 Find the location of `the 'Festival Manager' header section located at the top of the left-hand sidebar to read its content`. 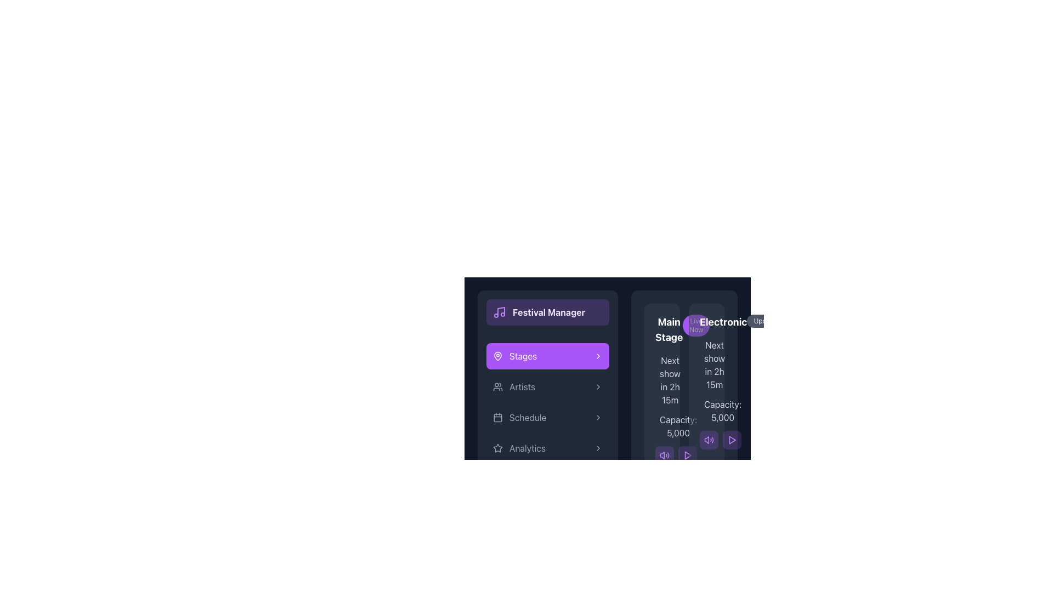

the 'Festival Manager' header section located at the top of the left-hand sidebar to read its content is located at coordinates (547, 312).